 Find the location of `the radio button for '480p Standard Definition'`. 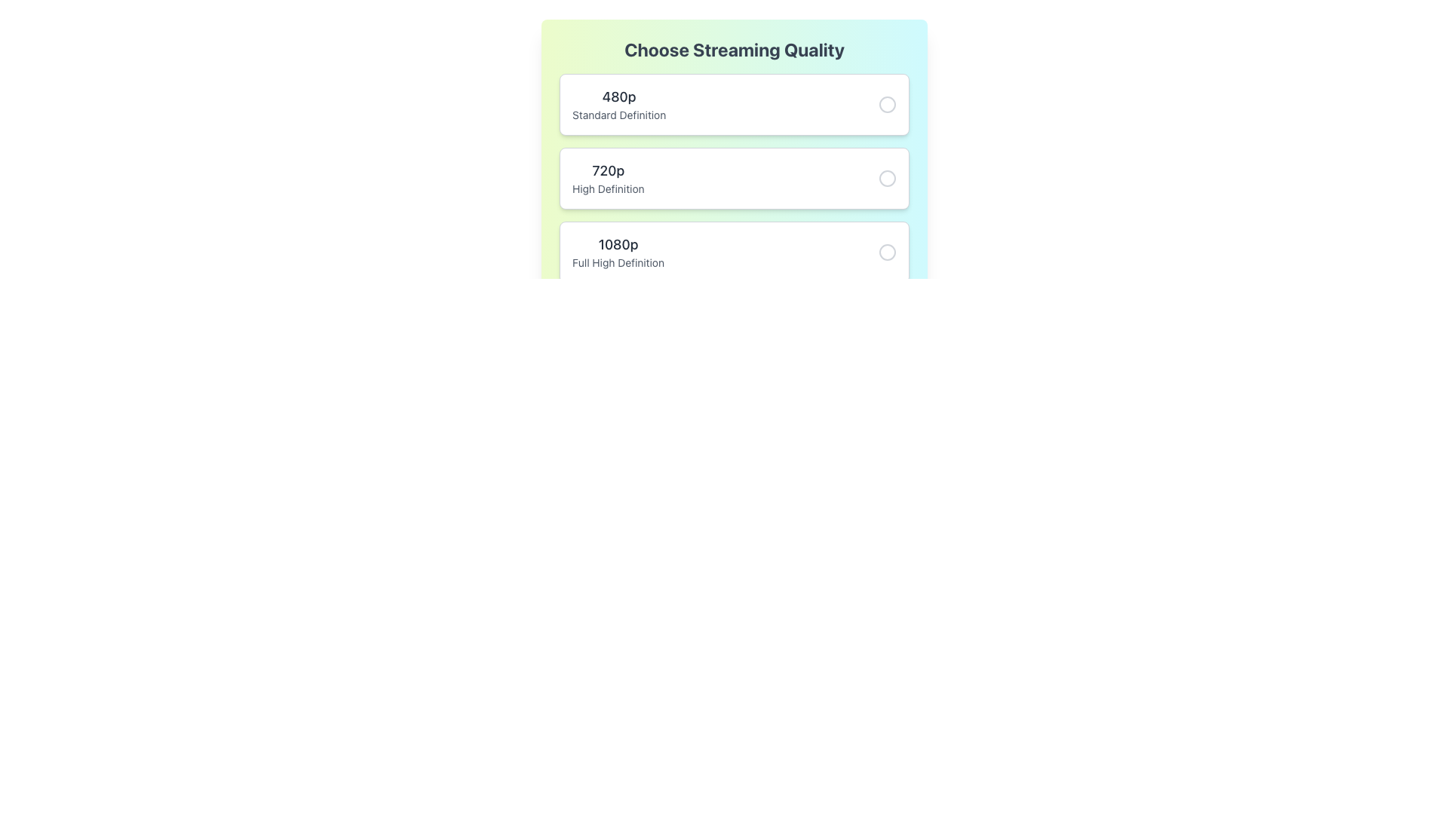

the radio button for '480p Standard Definition' is located at coordinates (887, 103).